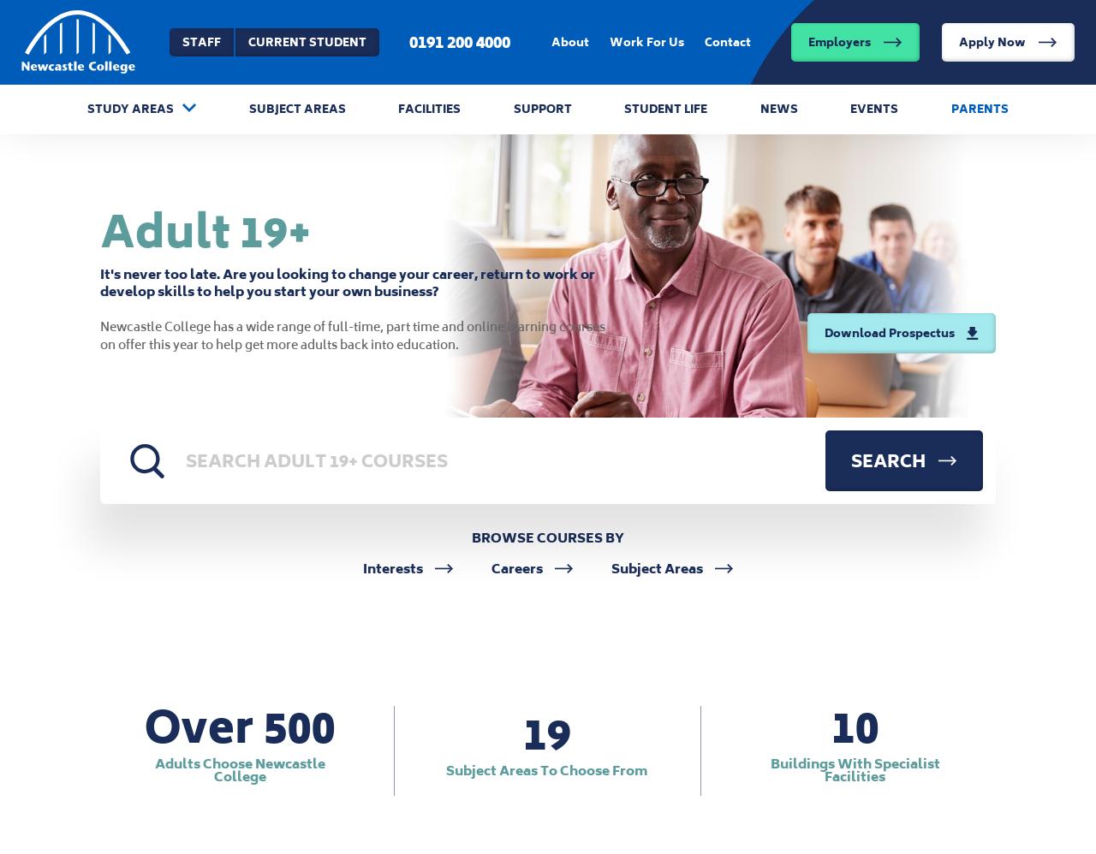 This screenshot has width=1096, height=854. I want to click on 'Apply Now', so click(992, 41).